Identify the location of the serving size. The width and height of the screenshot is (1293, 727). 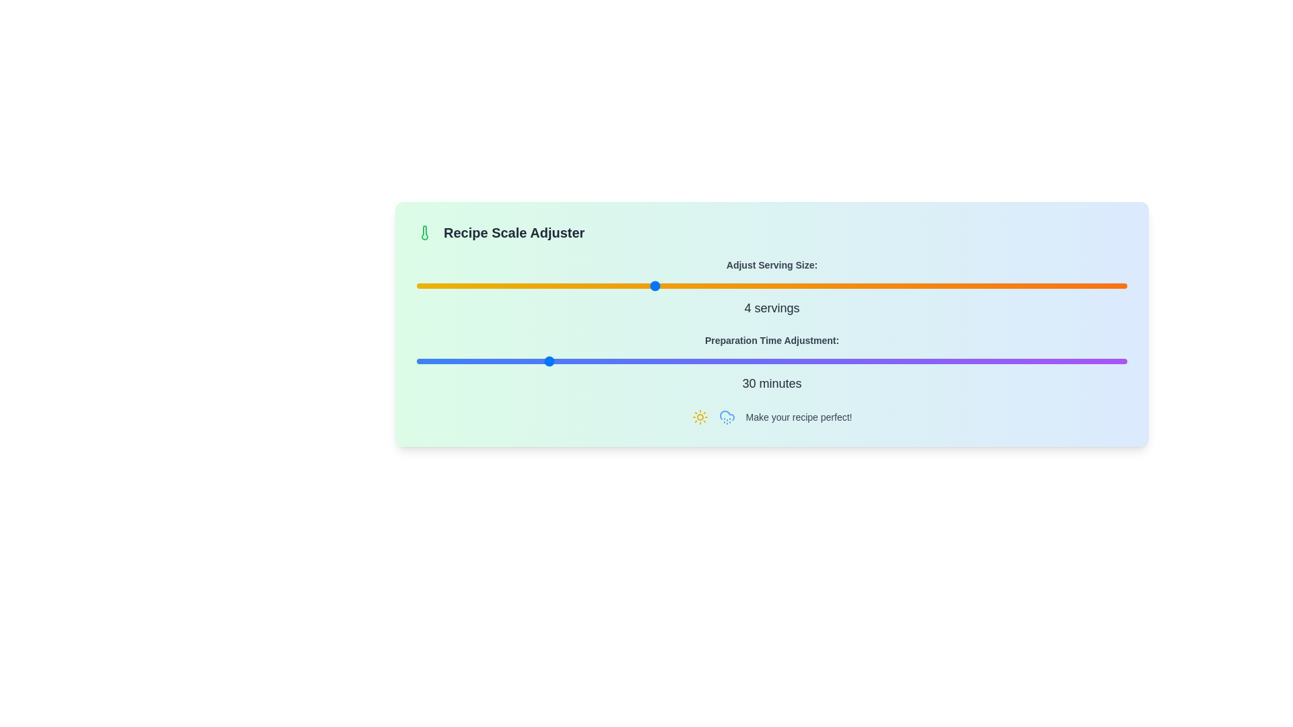
(495, 285).